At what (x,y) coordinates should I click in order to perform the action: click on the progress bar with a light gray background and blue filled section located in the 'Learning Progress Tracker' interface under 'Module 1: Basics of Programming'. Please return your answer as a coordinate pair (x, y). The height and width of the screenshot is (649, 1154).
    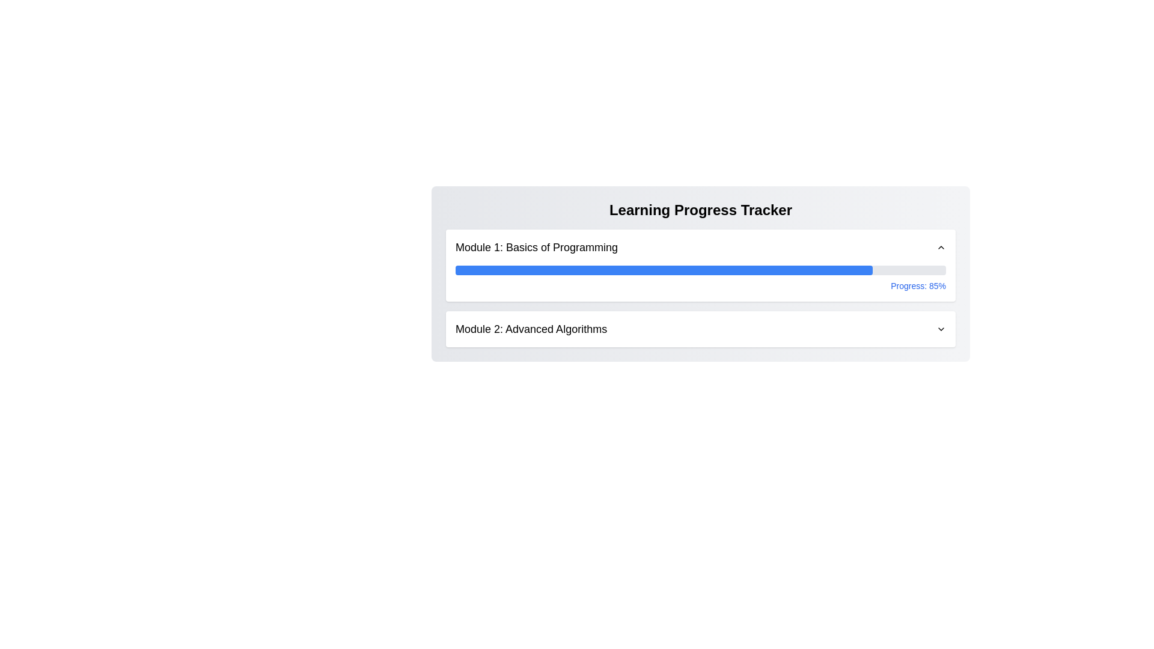
    Looking at the image, I should click on (701, 270).